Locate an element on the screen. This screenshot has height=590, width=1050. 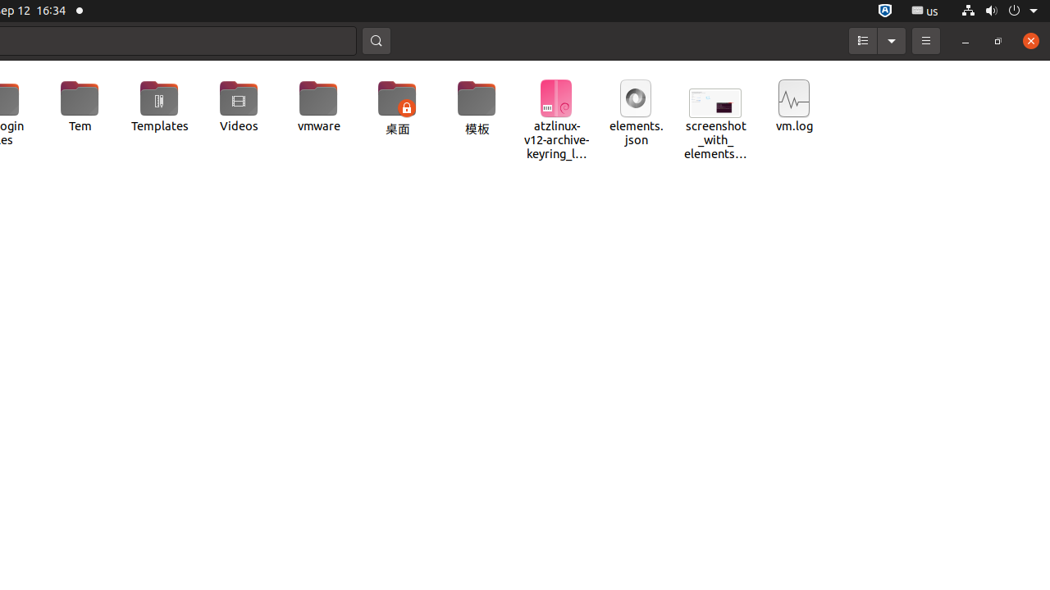
'Close' is located at coordinates (1029, 39).